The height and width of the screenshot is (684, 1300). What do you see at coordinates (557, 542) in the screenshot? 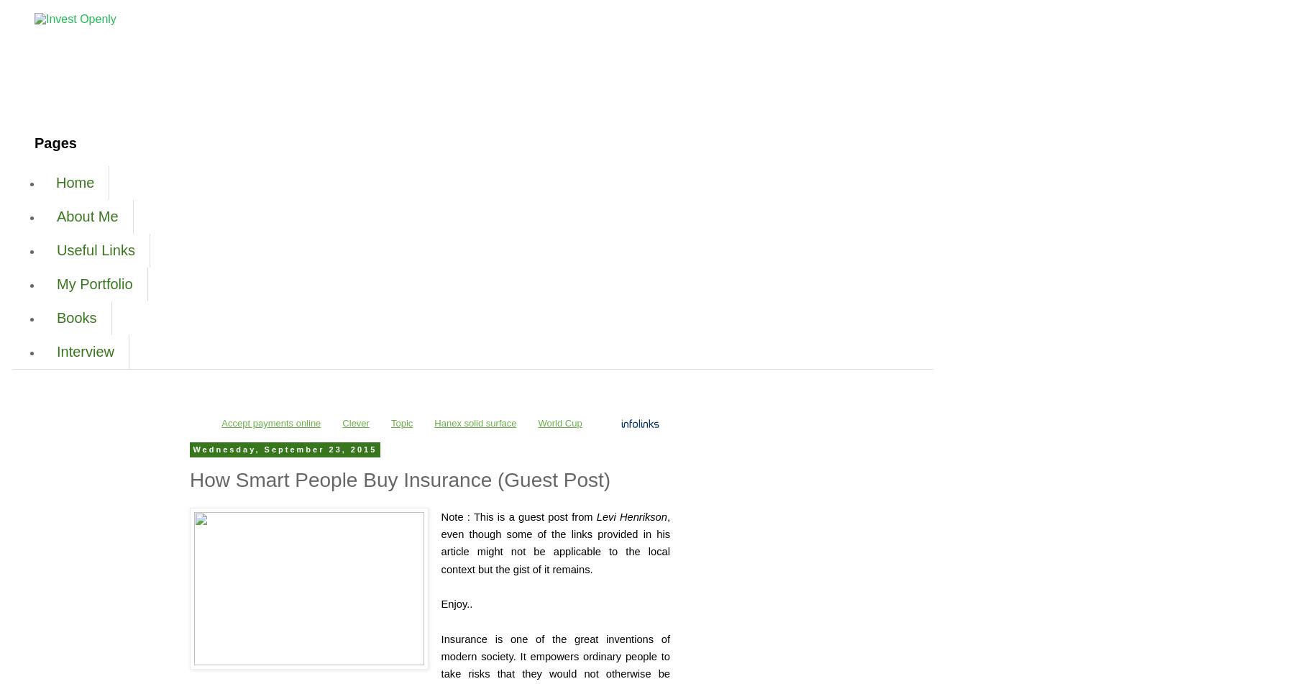
I see `', even though some of the links provided in his article might not be applicable to the local context but the gist of it remains.'` at bounding box center [557, 542].